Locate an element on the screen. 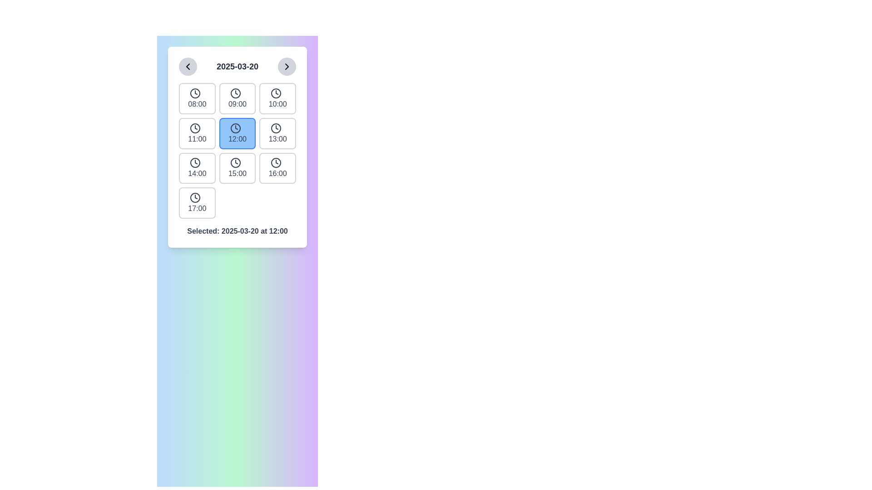 The height and width of the screenshot is (490, 872). the clock icon corresponding to the '16:00' time slot is located at coordinates (275, 162).